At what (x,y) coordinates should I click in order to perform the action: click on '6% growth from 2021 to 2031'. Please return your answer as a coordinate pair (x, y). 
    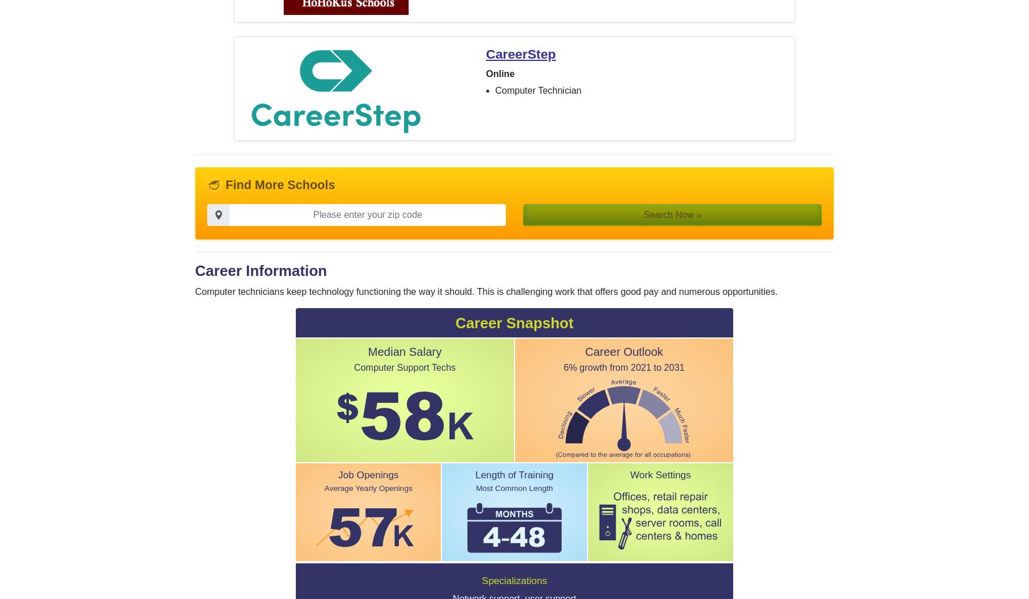
    Looking at the image, I should click on (624, 367).